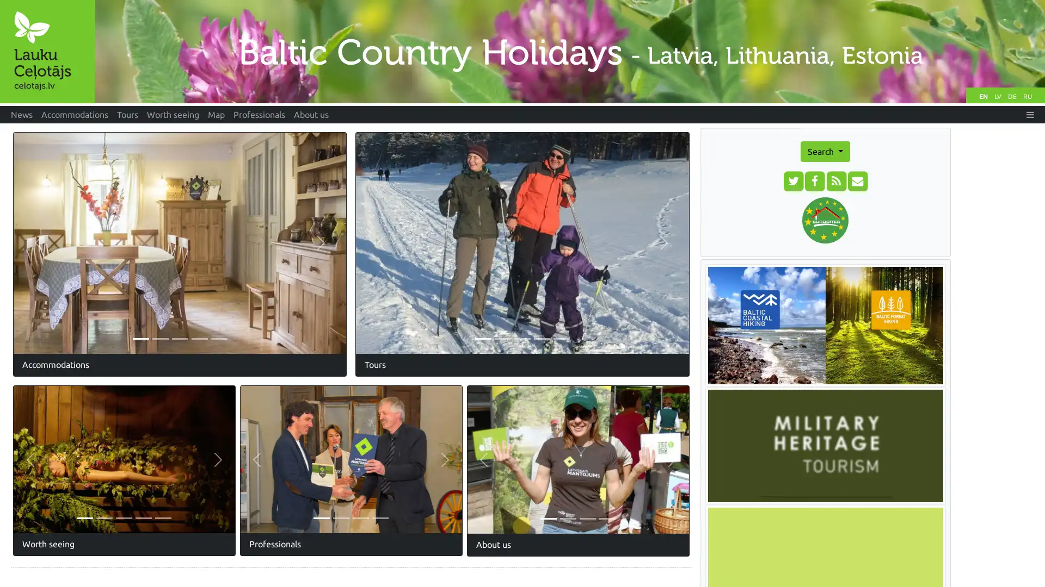 Image resolution: width=1045 pixels, height=587 pixels. I want to click on Previous, so click(30, 459).